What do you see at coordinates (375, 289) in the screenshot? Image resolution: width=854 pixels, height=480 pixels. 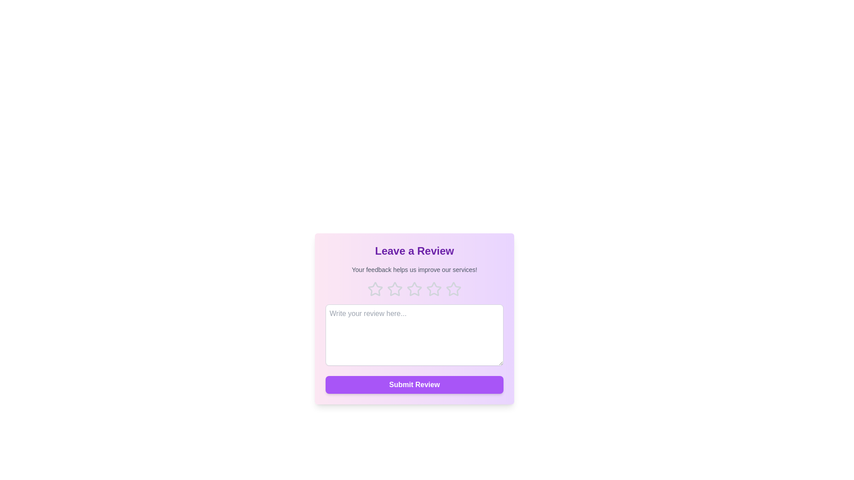 I see `the 1 star to highlight it` at bounding box center [375, 289].